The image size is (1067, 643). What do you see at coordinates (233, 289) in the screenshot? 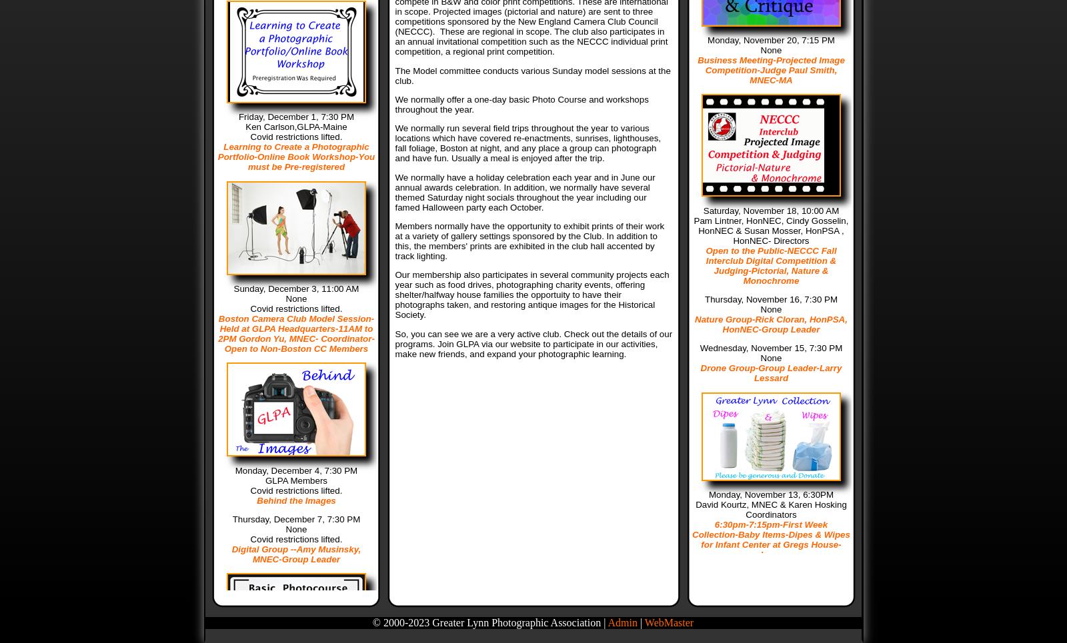
I see `'Sunday, December 3, 11:00 AM'` at bounding box center [233, 289].